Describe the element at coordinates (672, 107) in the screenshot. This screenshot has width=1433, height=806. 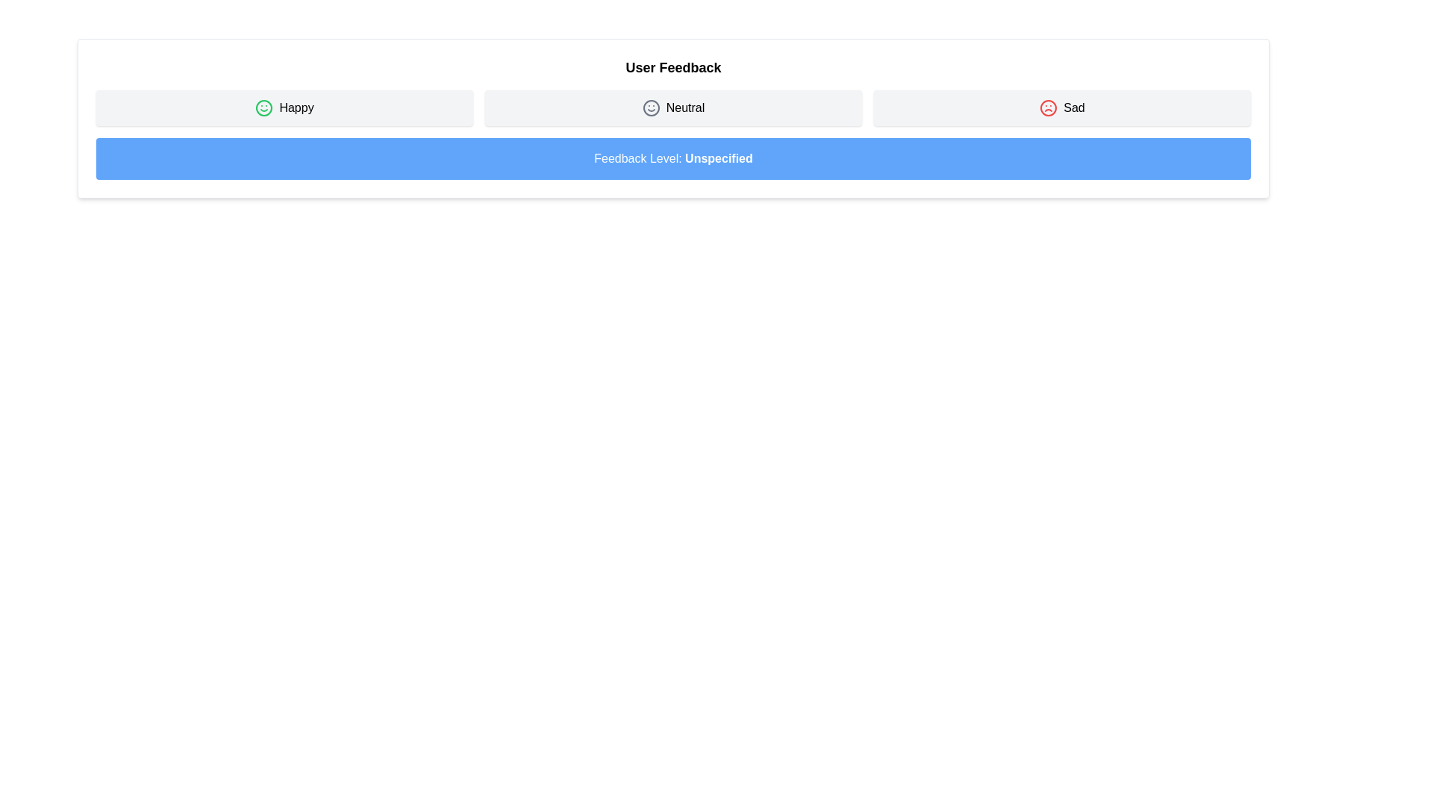
I see `the button labeled 'Neutral' positioned centrally between the 'Happy' and 'Sad' buttons` at that location.